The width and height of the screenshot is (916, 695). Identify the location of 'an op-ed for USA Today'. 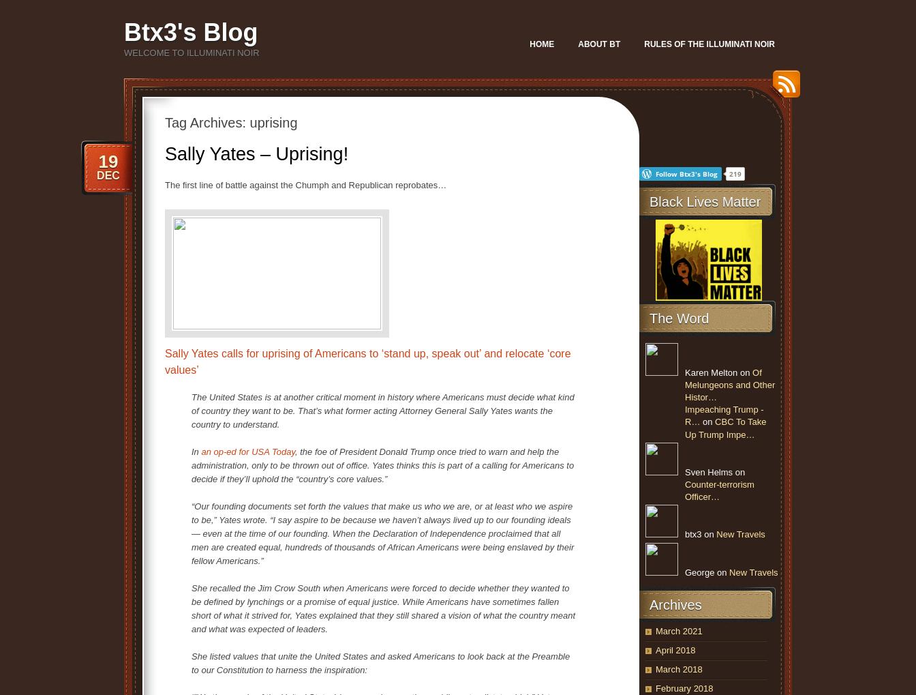
(247, 451).